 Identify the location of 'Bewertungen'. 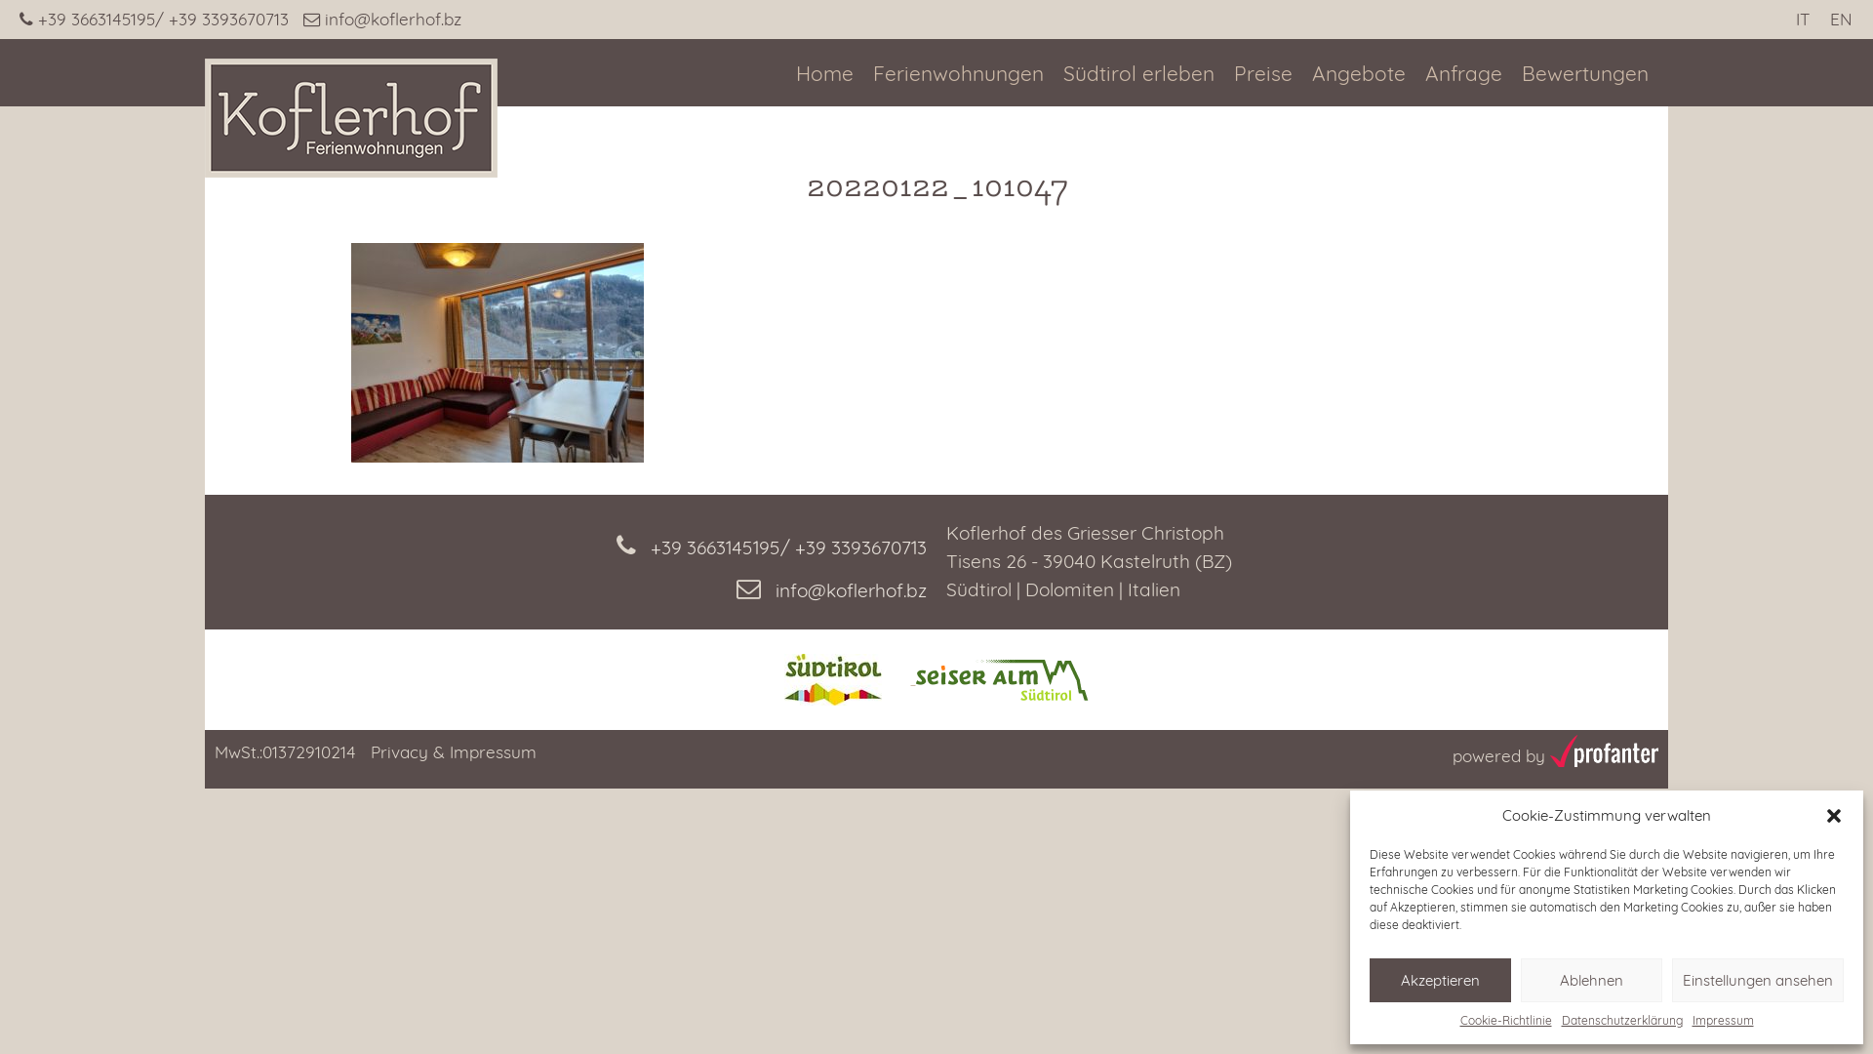
(1585, 73).